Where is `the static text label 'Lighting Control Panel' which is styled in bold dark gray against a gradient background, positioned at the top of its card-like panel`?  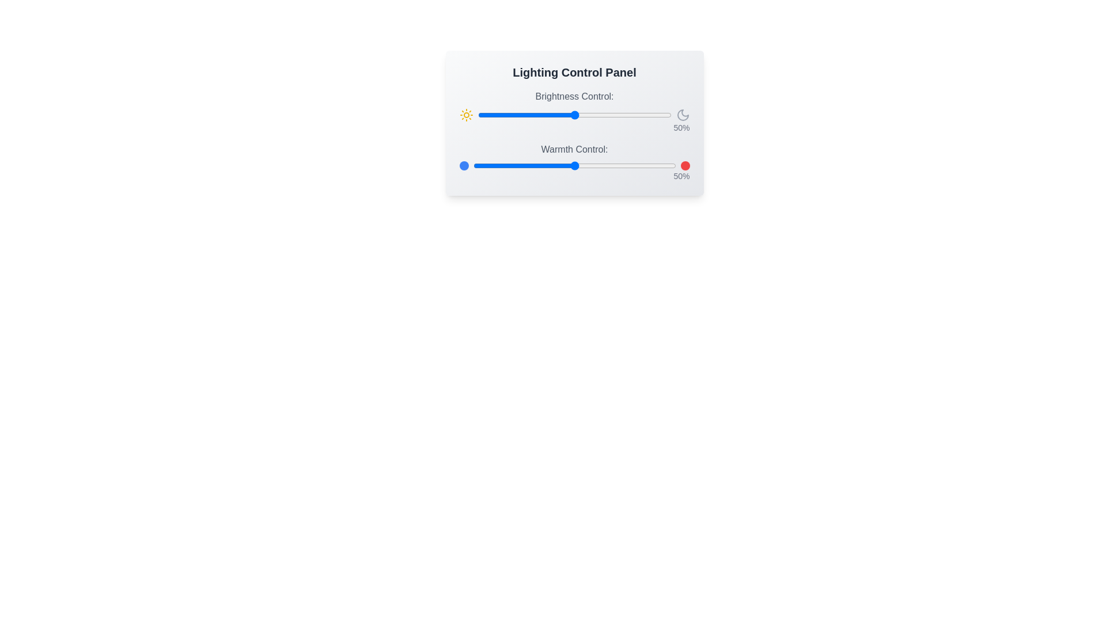
the static text label 'Lighting Control Panel' which is styled in bold dark gray against a gradient background, positioned at the top of its card-like panel is located at coordinates (574, 73).